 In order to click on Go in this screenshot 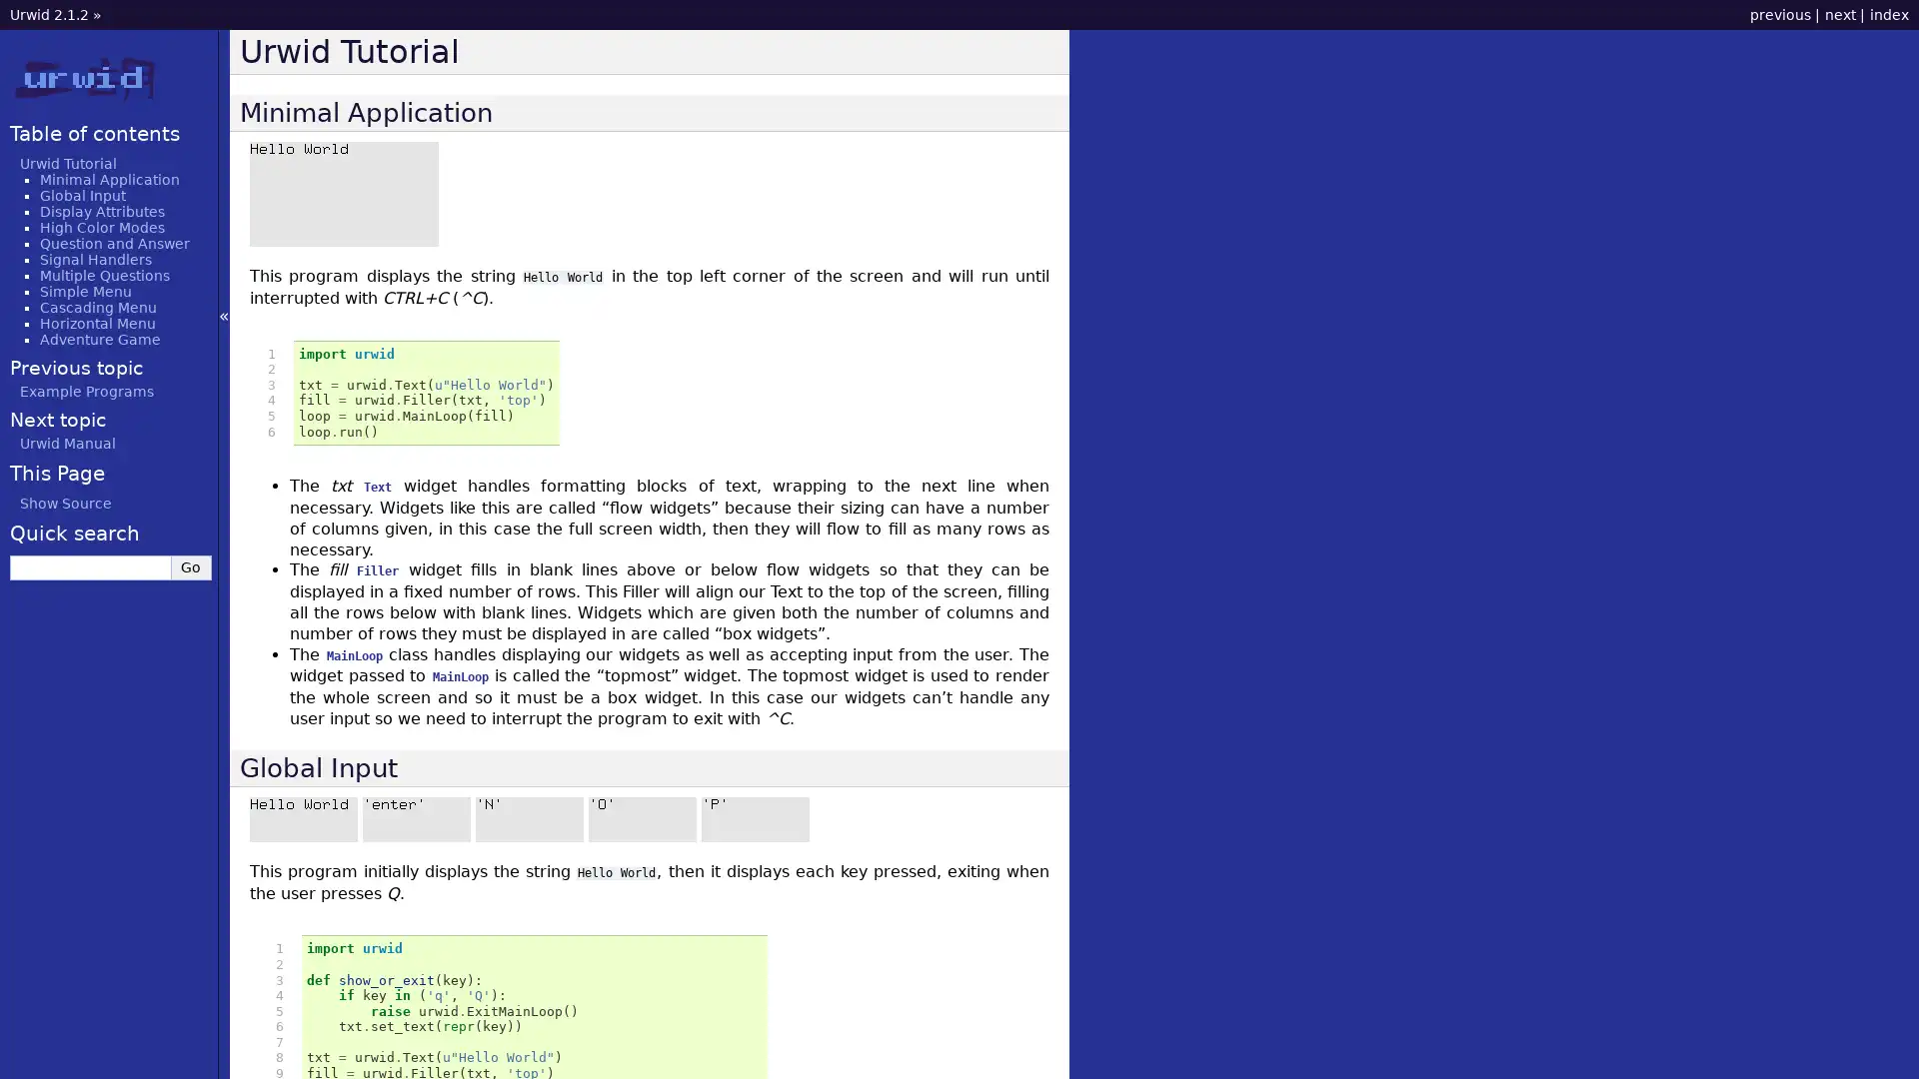, I will do `click(191, 566)`.